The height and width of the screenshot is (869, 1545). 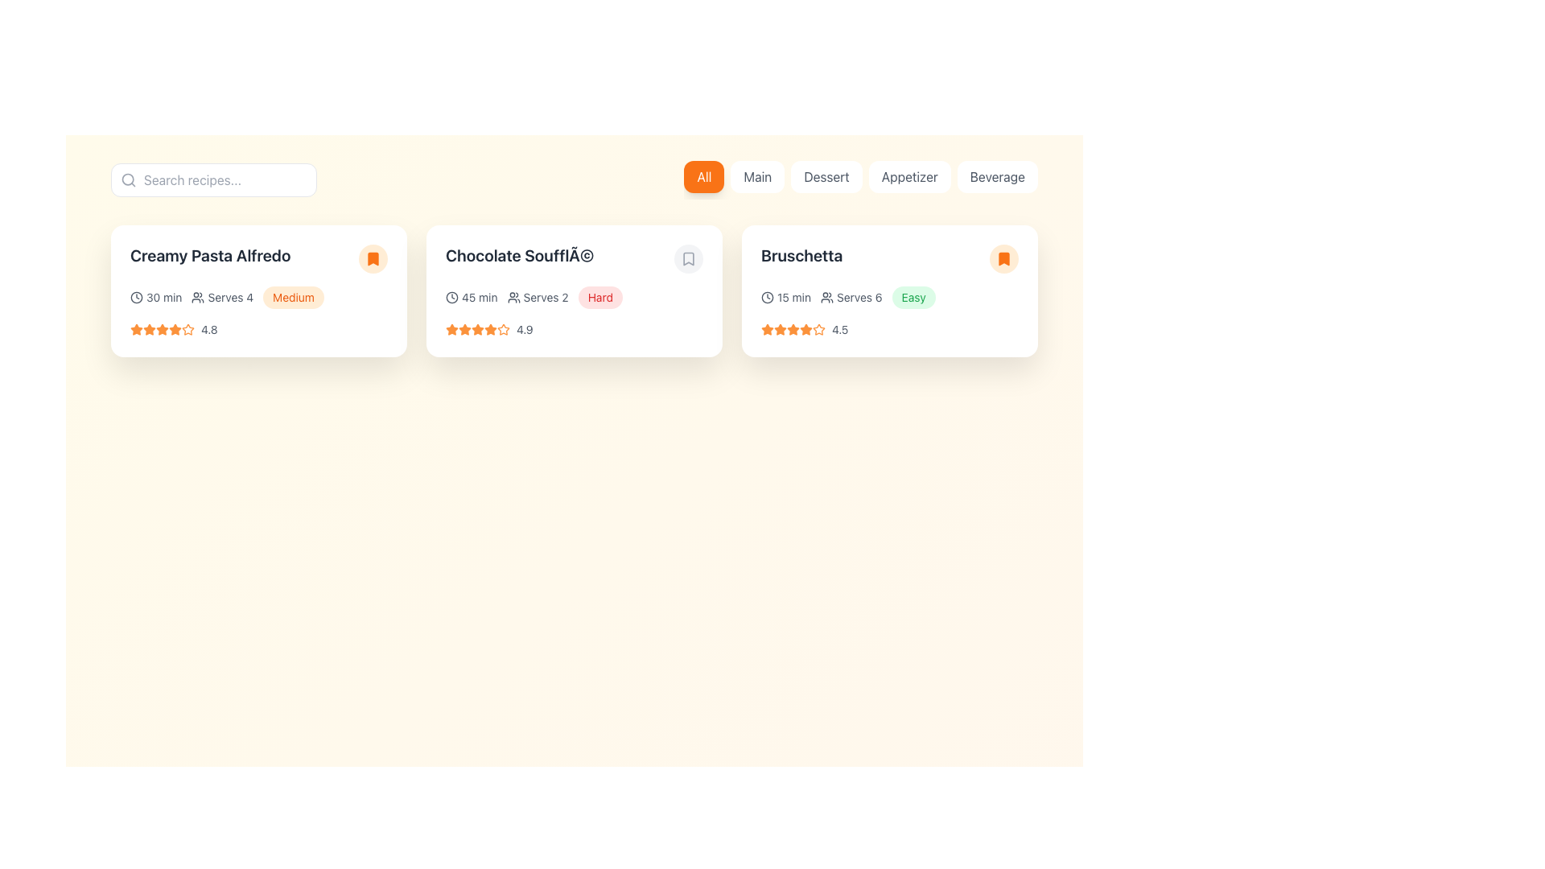 I want to click on the text label displaying '45 min', which is located below the title 'Chocolate Soufflé', to the right of the clock icon, and before the 'Serves 2' label, so click(x=479, y=298).